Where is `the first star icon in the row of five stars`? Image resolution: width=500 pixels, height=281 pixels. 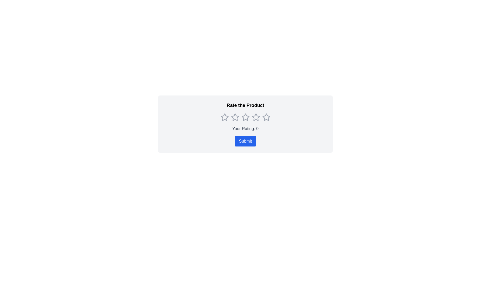
the first star icon in the row of five stars is located at coordinates (224, 117).